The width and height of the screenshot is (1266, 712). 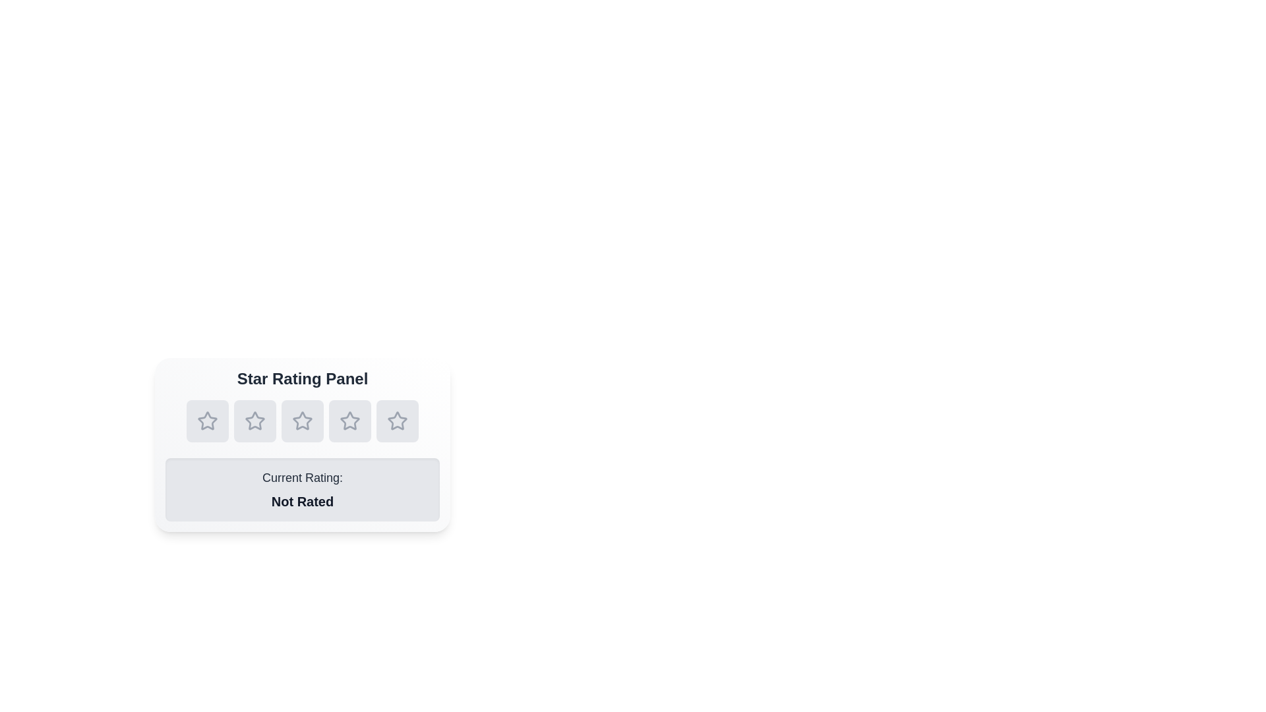 I want to click on the third star icon from the left in the rating interface, so click(x=302, y=421).